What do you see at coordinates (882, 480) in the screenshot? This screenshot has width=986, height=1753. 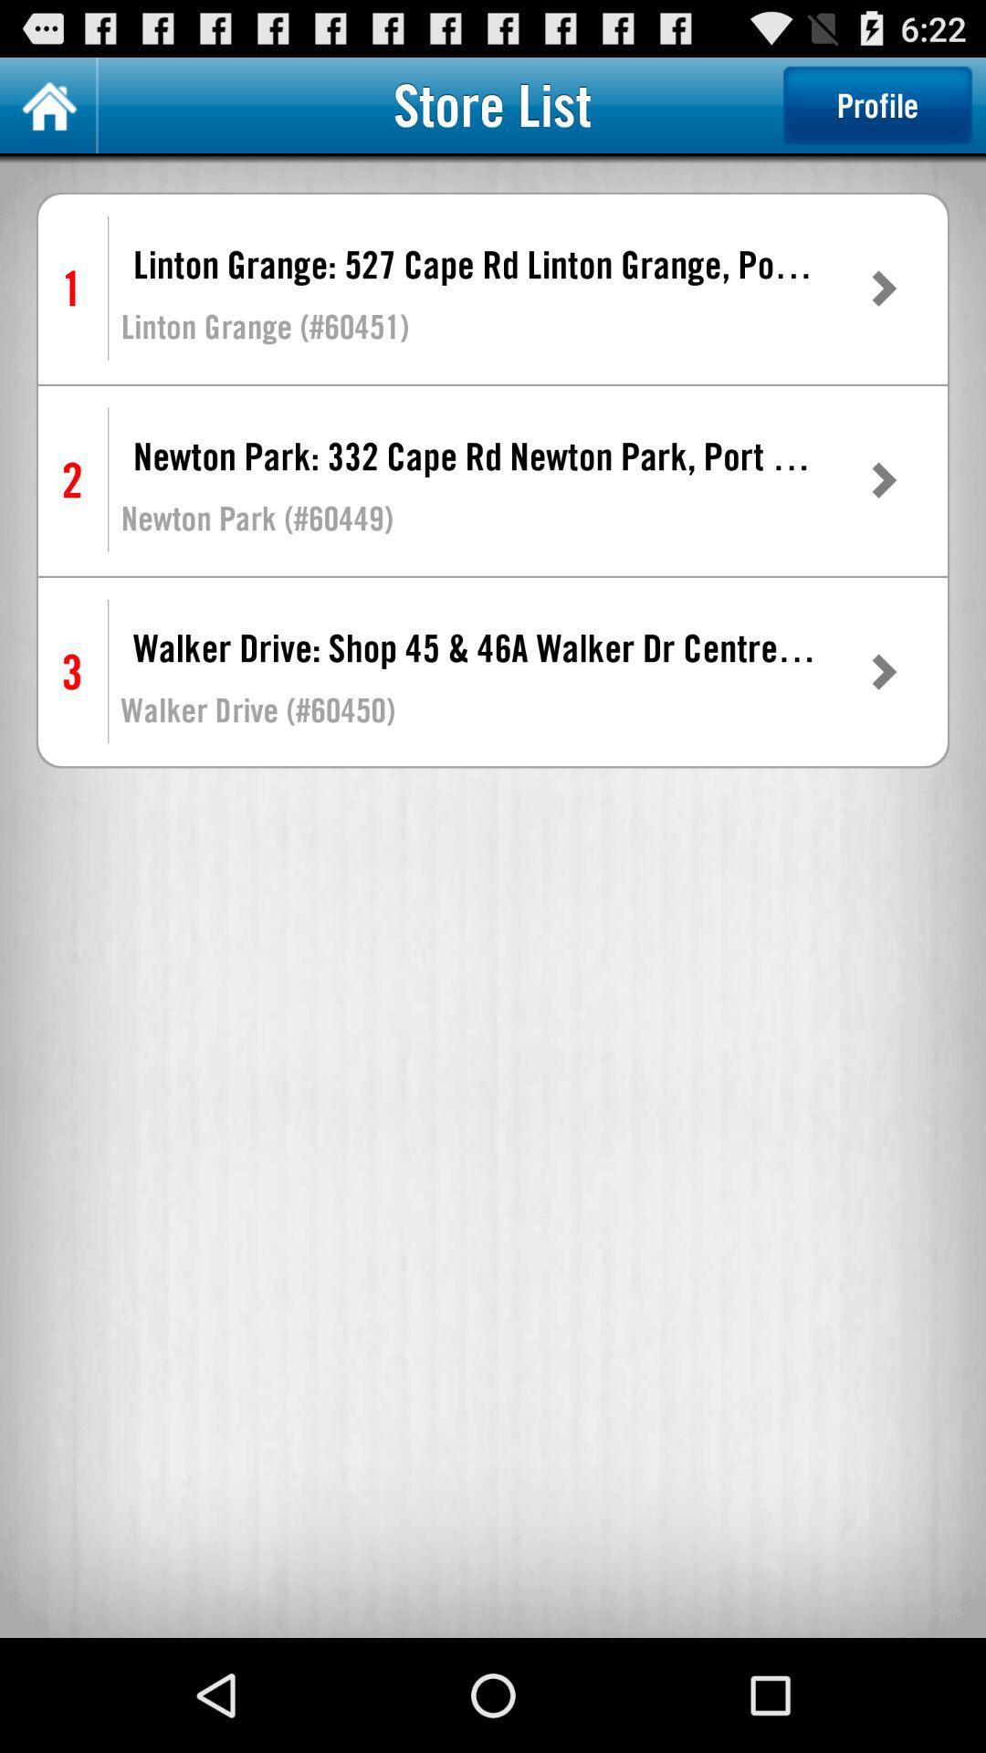 I see `app next to the newton park 332 icon` at bounding box center [882, 480].